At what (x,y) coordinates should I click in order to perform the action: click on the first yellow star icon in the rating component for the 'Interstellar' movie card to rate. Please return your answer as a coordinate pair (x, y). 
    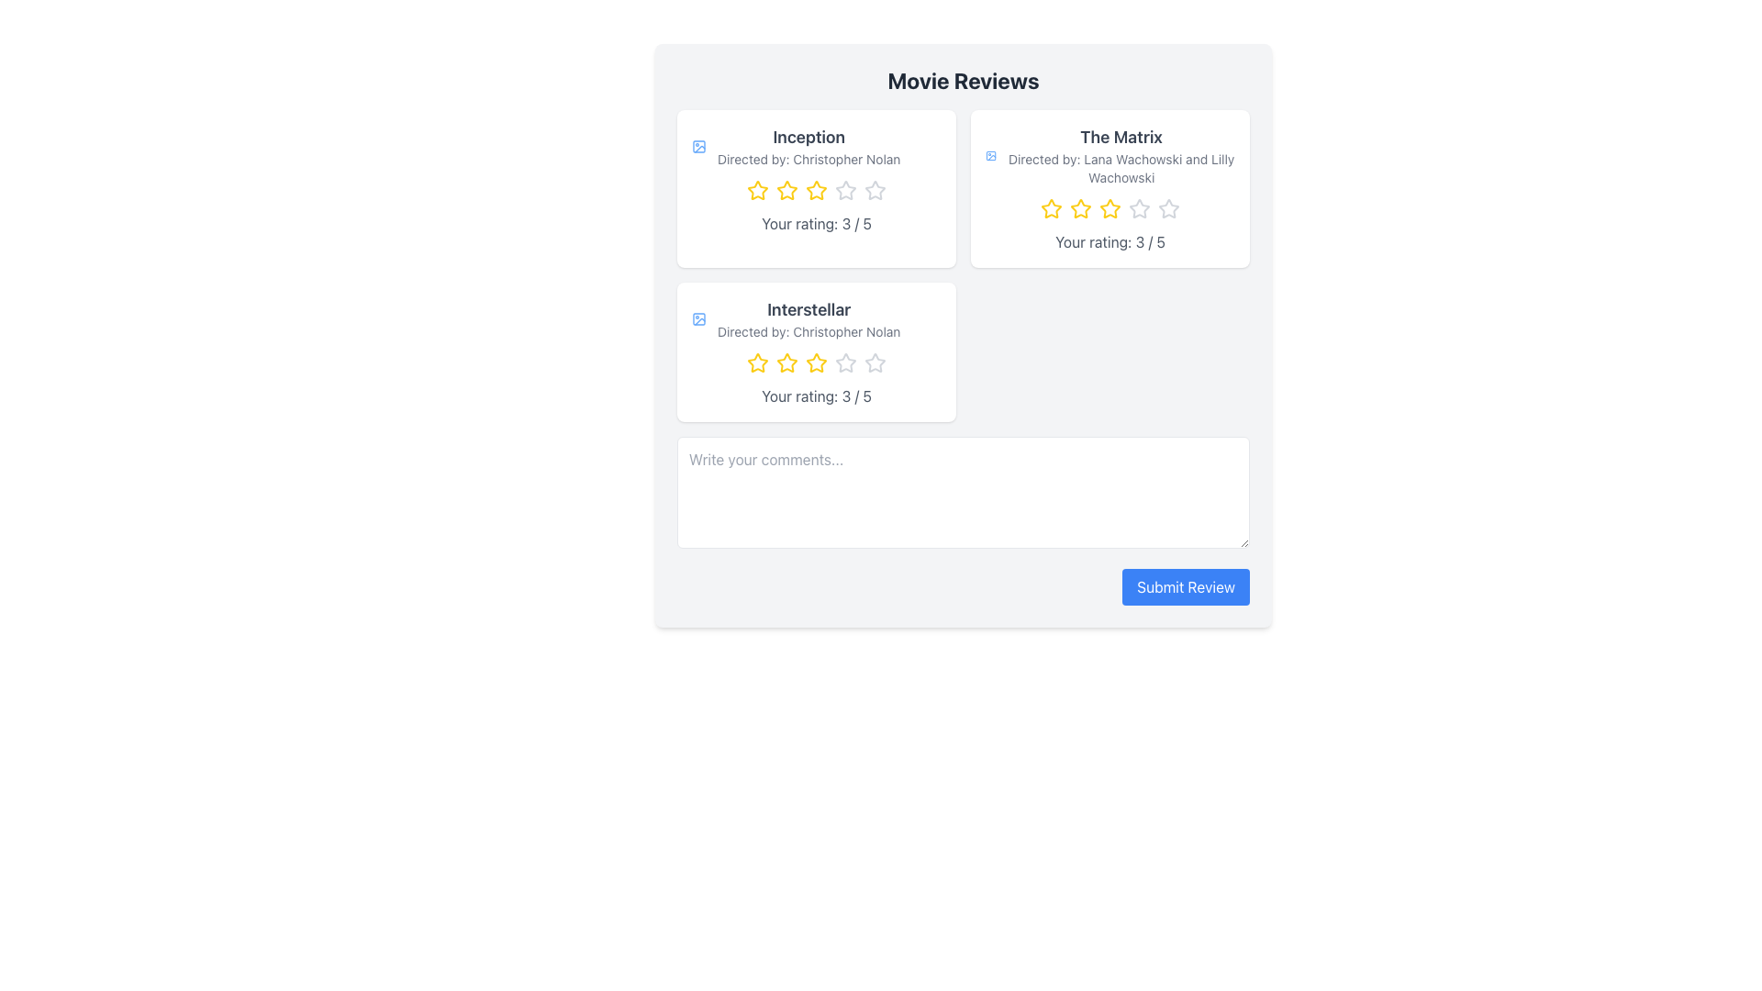
    Looking at the image, I should click on (757, 363).